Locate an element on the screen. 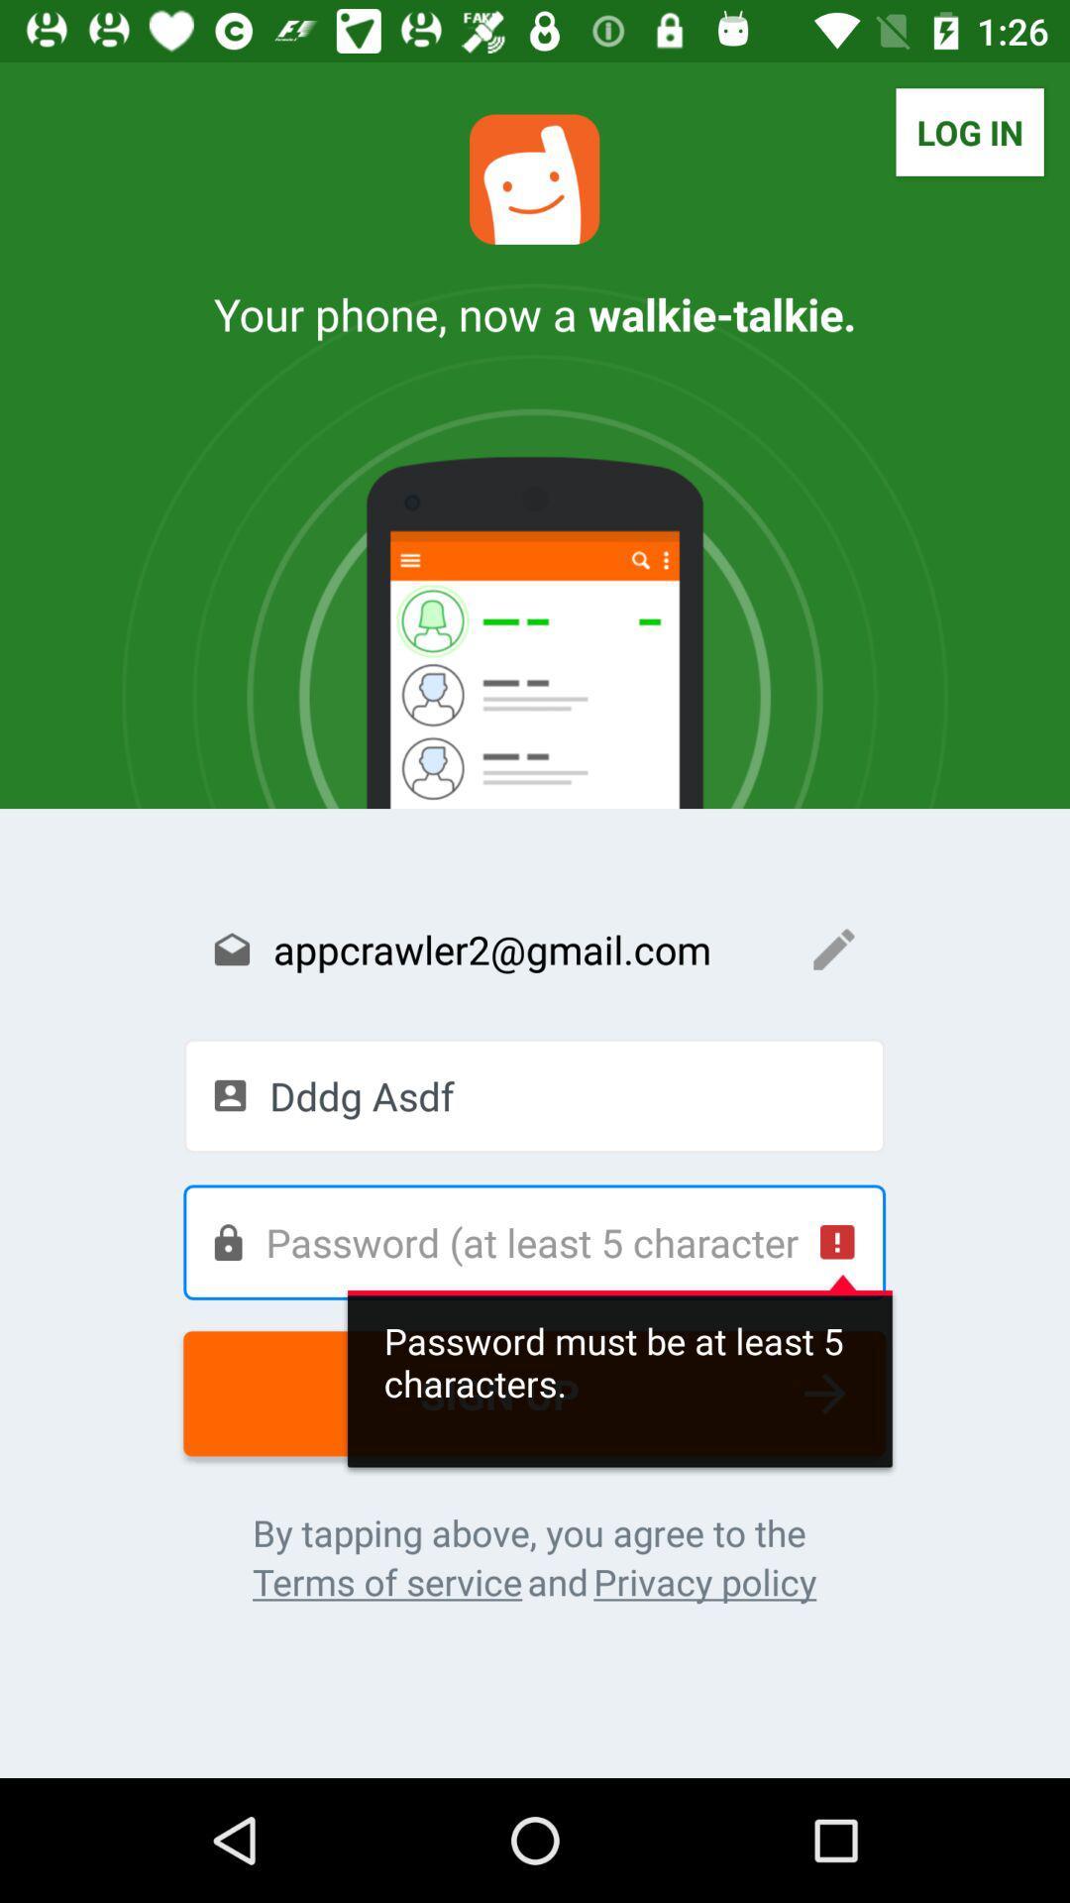  the icon next to the and icon is located at coordinates (703, 1581).